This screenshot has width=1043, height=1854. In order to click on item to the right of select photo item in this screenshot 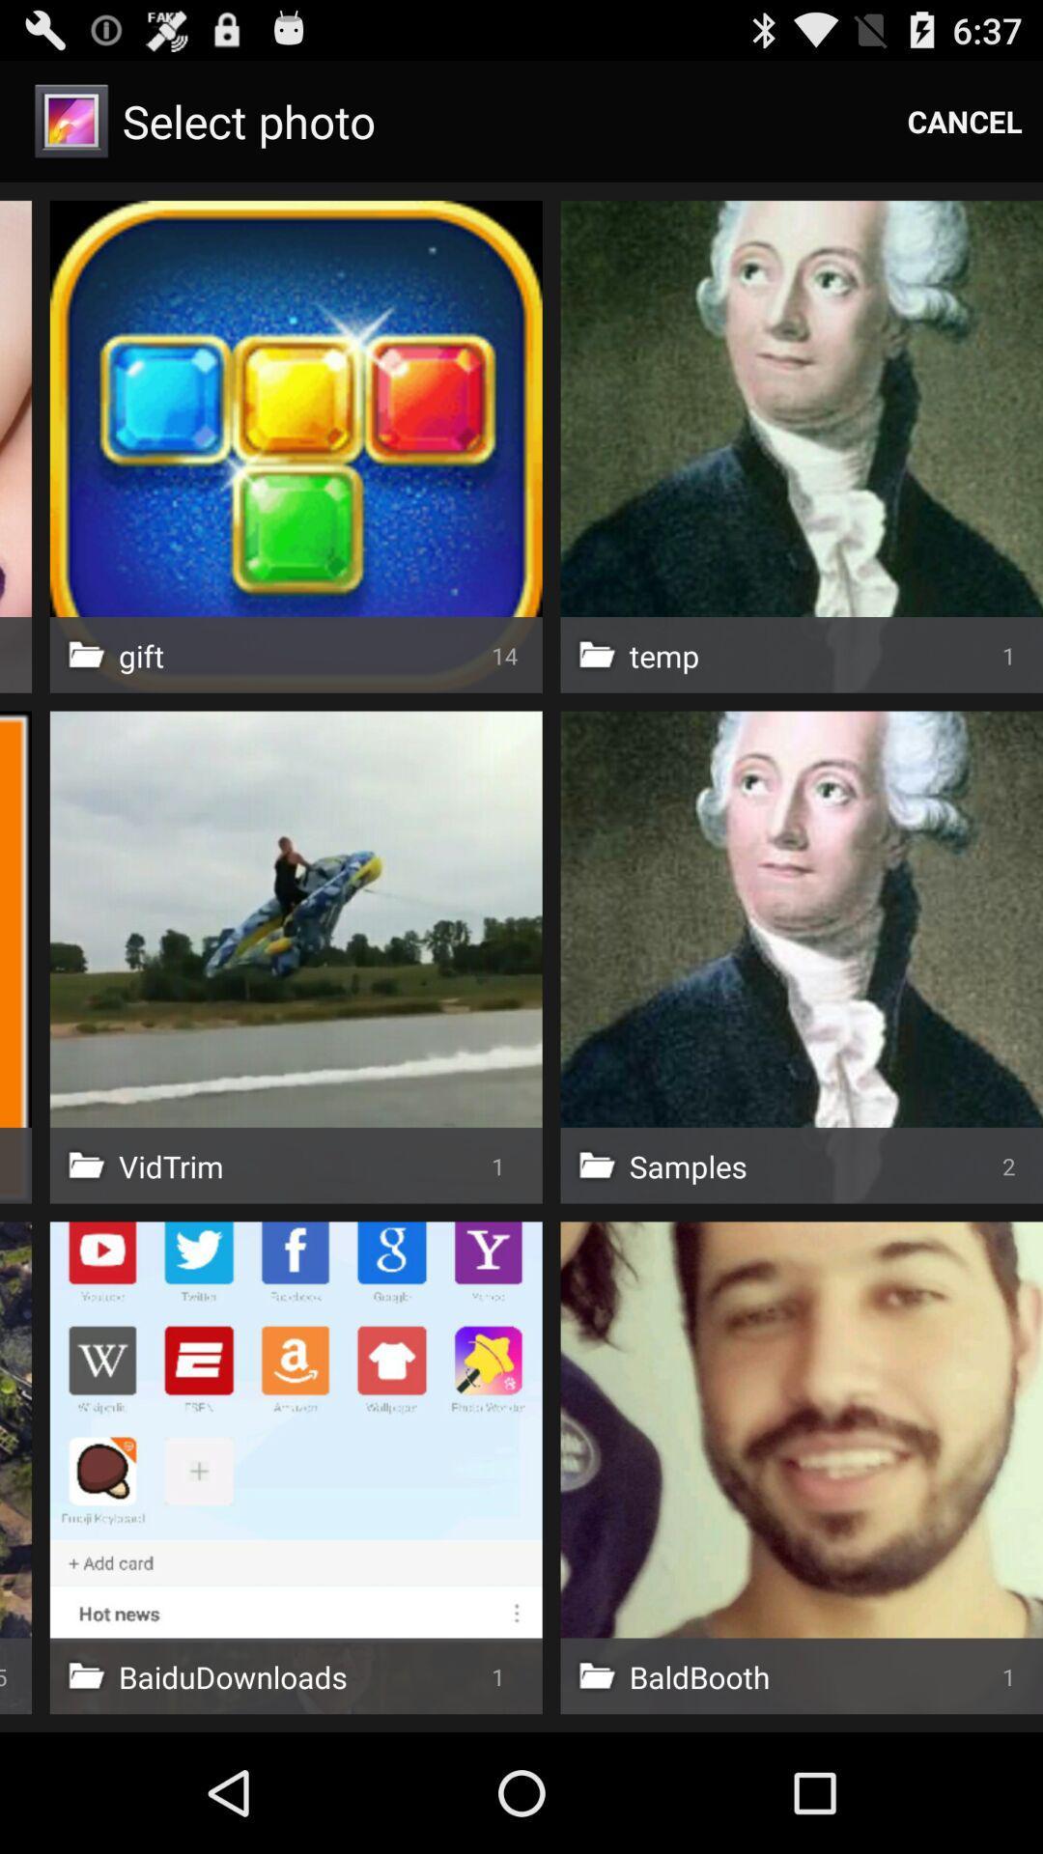, I will do `click(965, 120)`.